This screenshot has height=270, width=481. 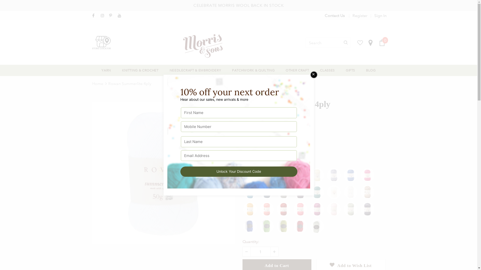 I want to click on 'CLASSES', so click(x=327, y=70).